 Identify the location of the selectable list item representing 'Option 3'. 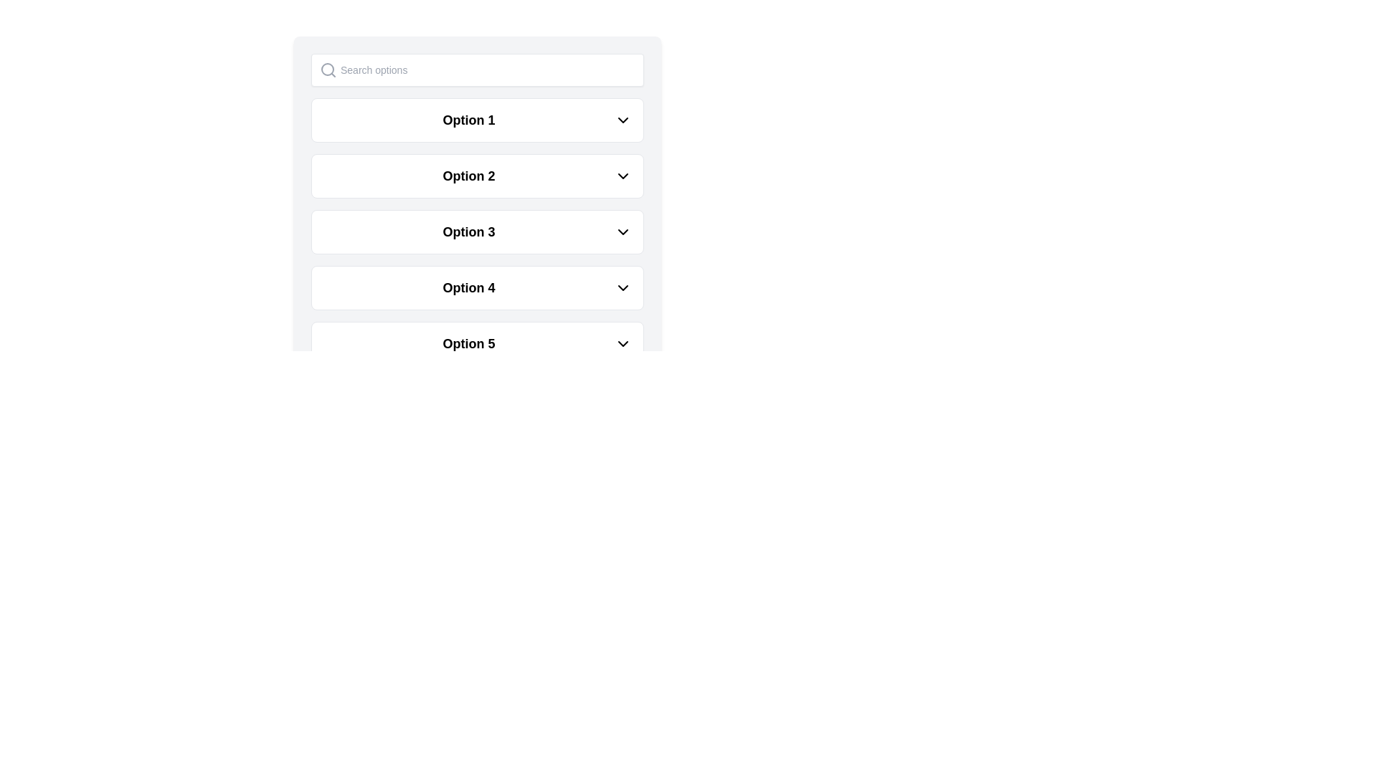
(478, 231).